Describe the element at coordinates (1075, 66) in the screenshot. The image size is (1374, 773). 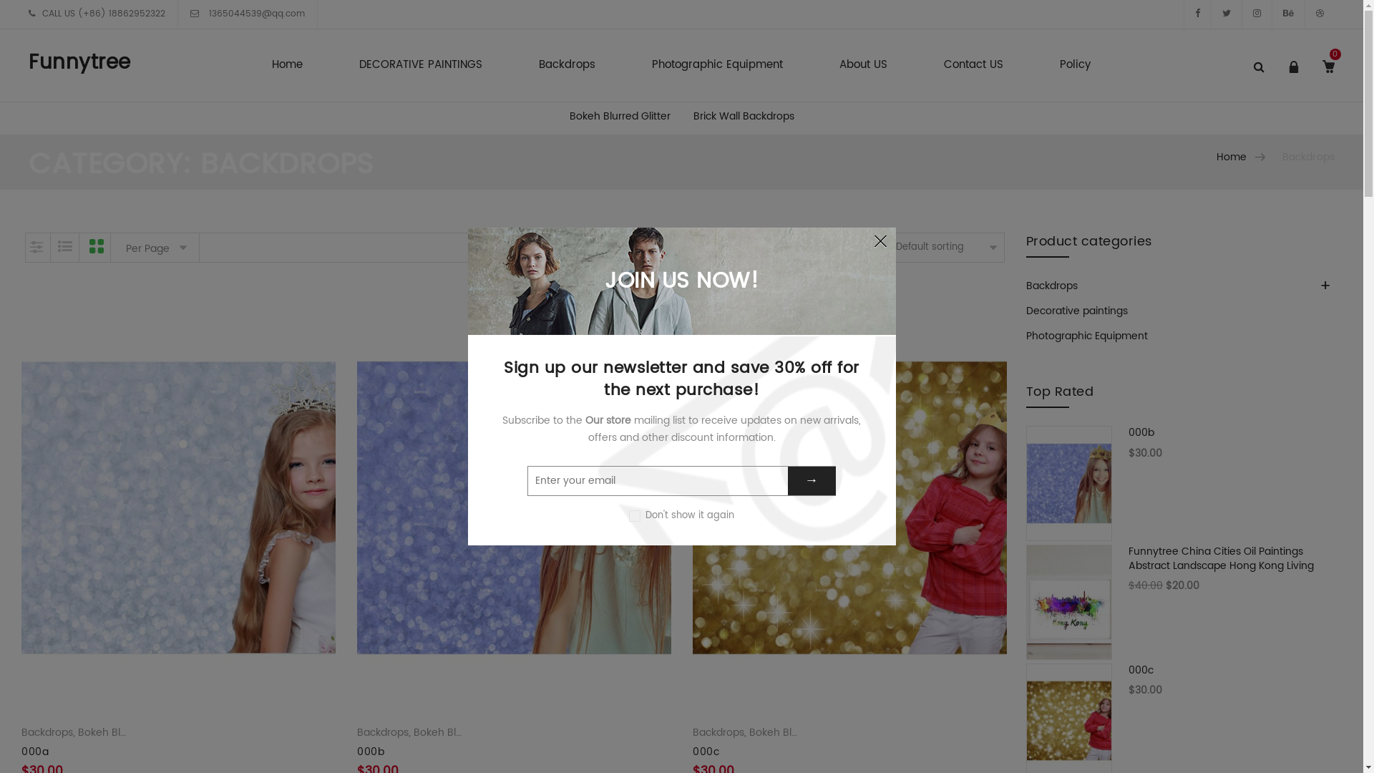
I see `'Policy'` at that location.